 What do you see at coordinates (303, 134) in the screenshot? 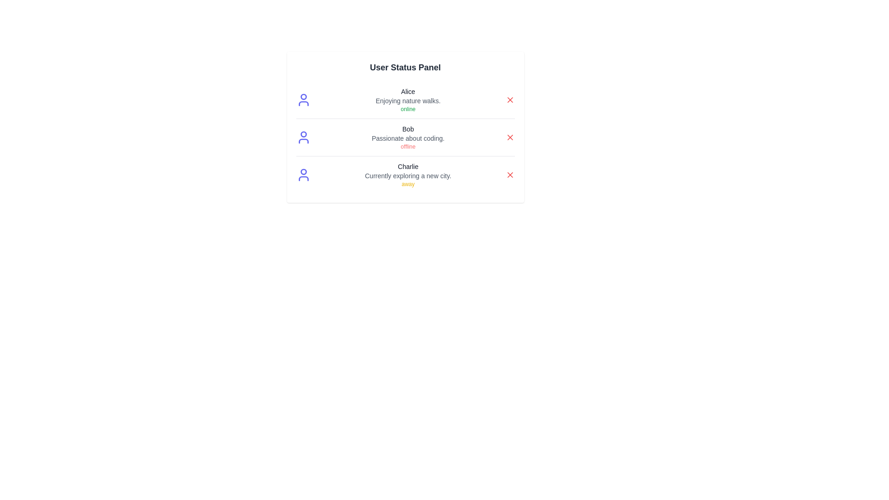
I see `the SVG circle graphical component located within the user icon of the second user ('Bob')` at bounding box center [303, 134].